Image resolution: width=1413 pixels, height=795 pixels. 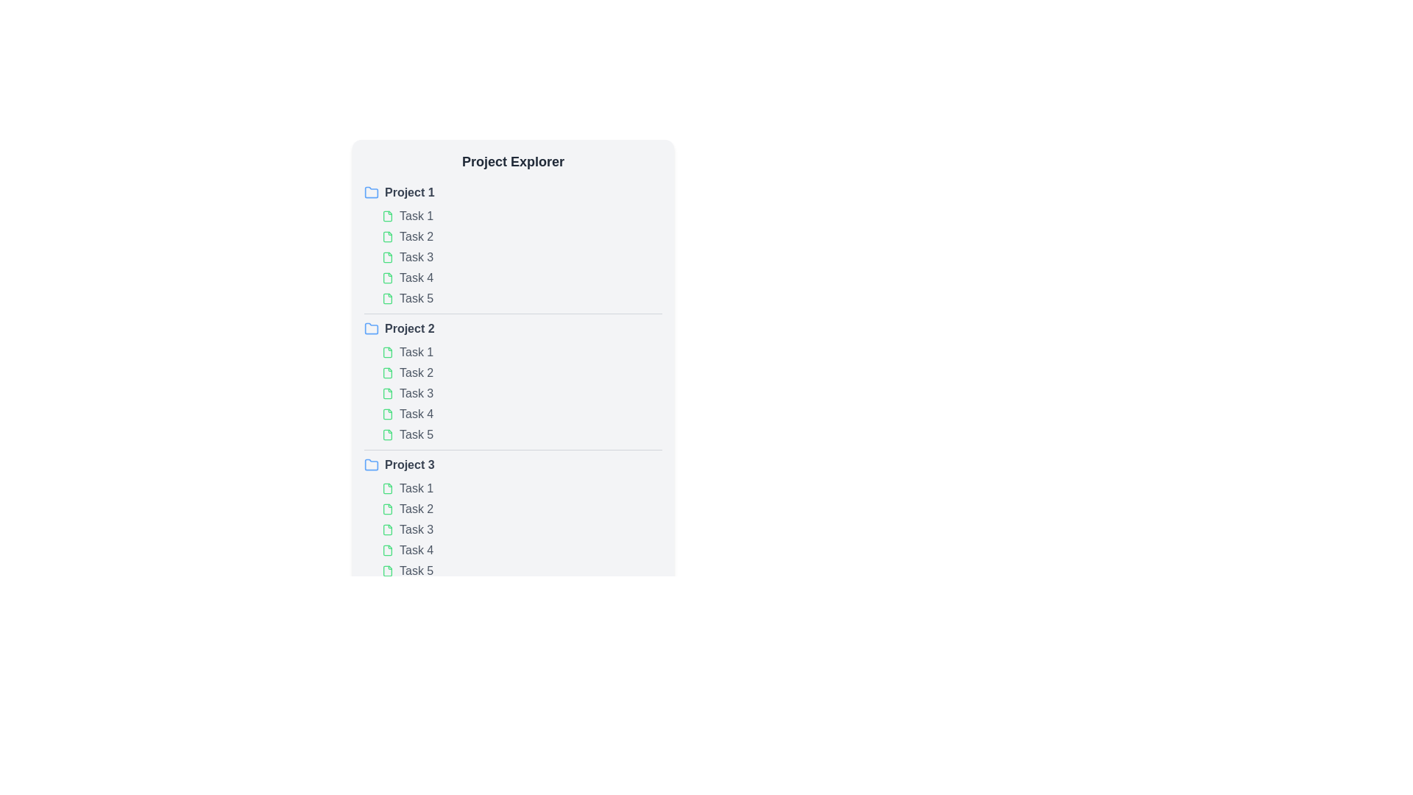 What do you see at coordinates (416, 551) in the screenshot?
I see `the text label representing the fourth task under 'Project 3' in the Project Explorer` at bounding box center [416, 551].